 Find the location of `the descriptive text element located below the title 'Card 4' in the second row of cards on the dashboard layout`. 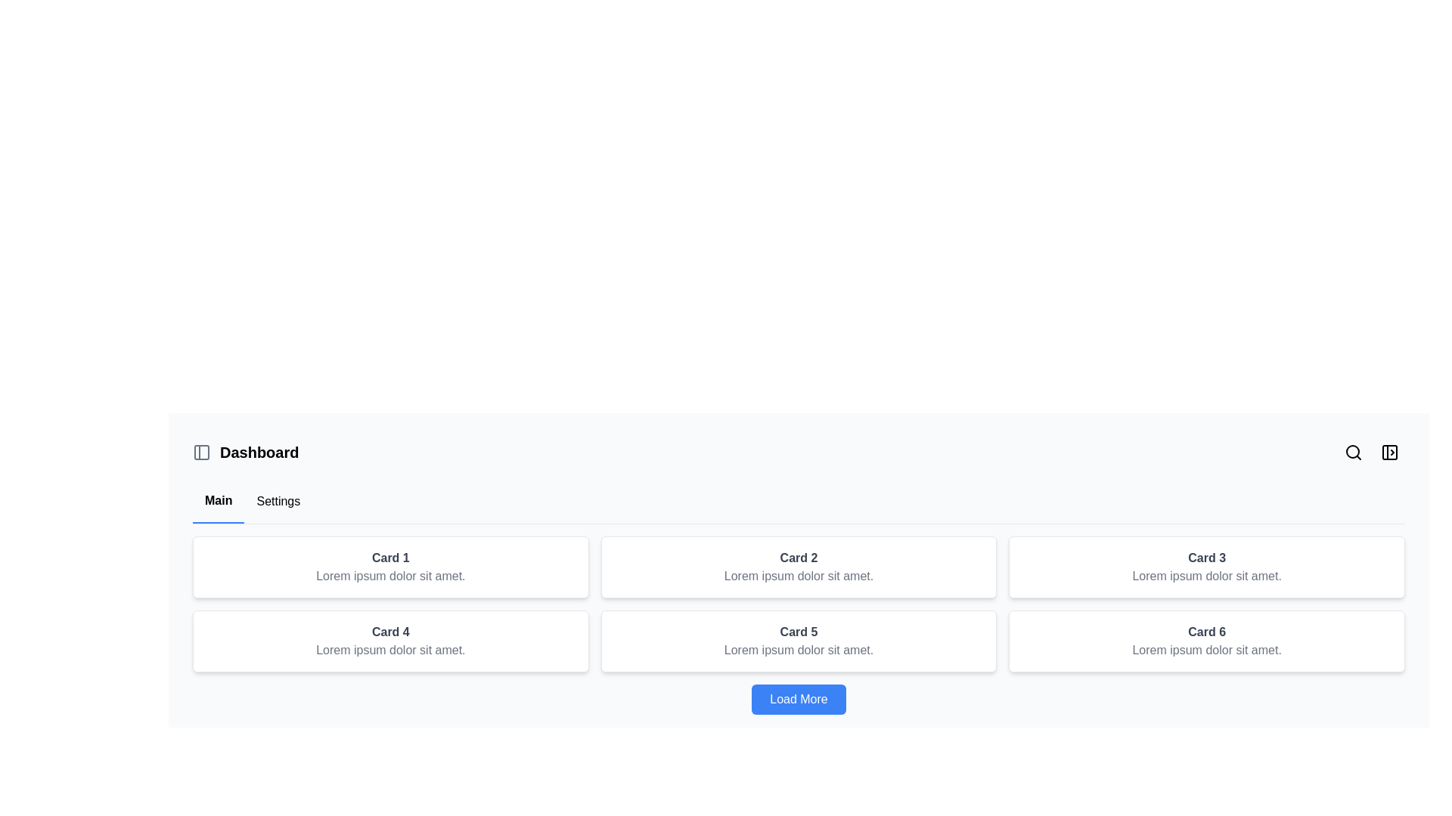

the descriptive text element located below the title 'Card 4' in the second row of cards on the dashboard layout is located at coordinates (390, 649).